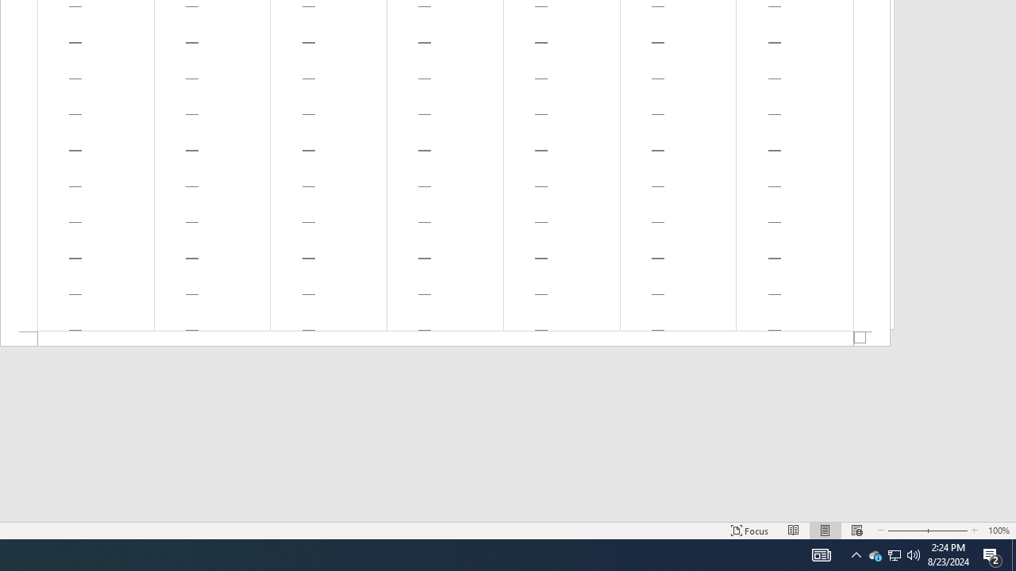 This screenshot has height=571, width=1016. Describe the element at coordinates (794, 531) in the screenshot. I see `'Read Mode'` at that location.